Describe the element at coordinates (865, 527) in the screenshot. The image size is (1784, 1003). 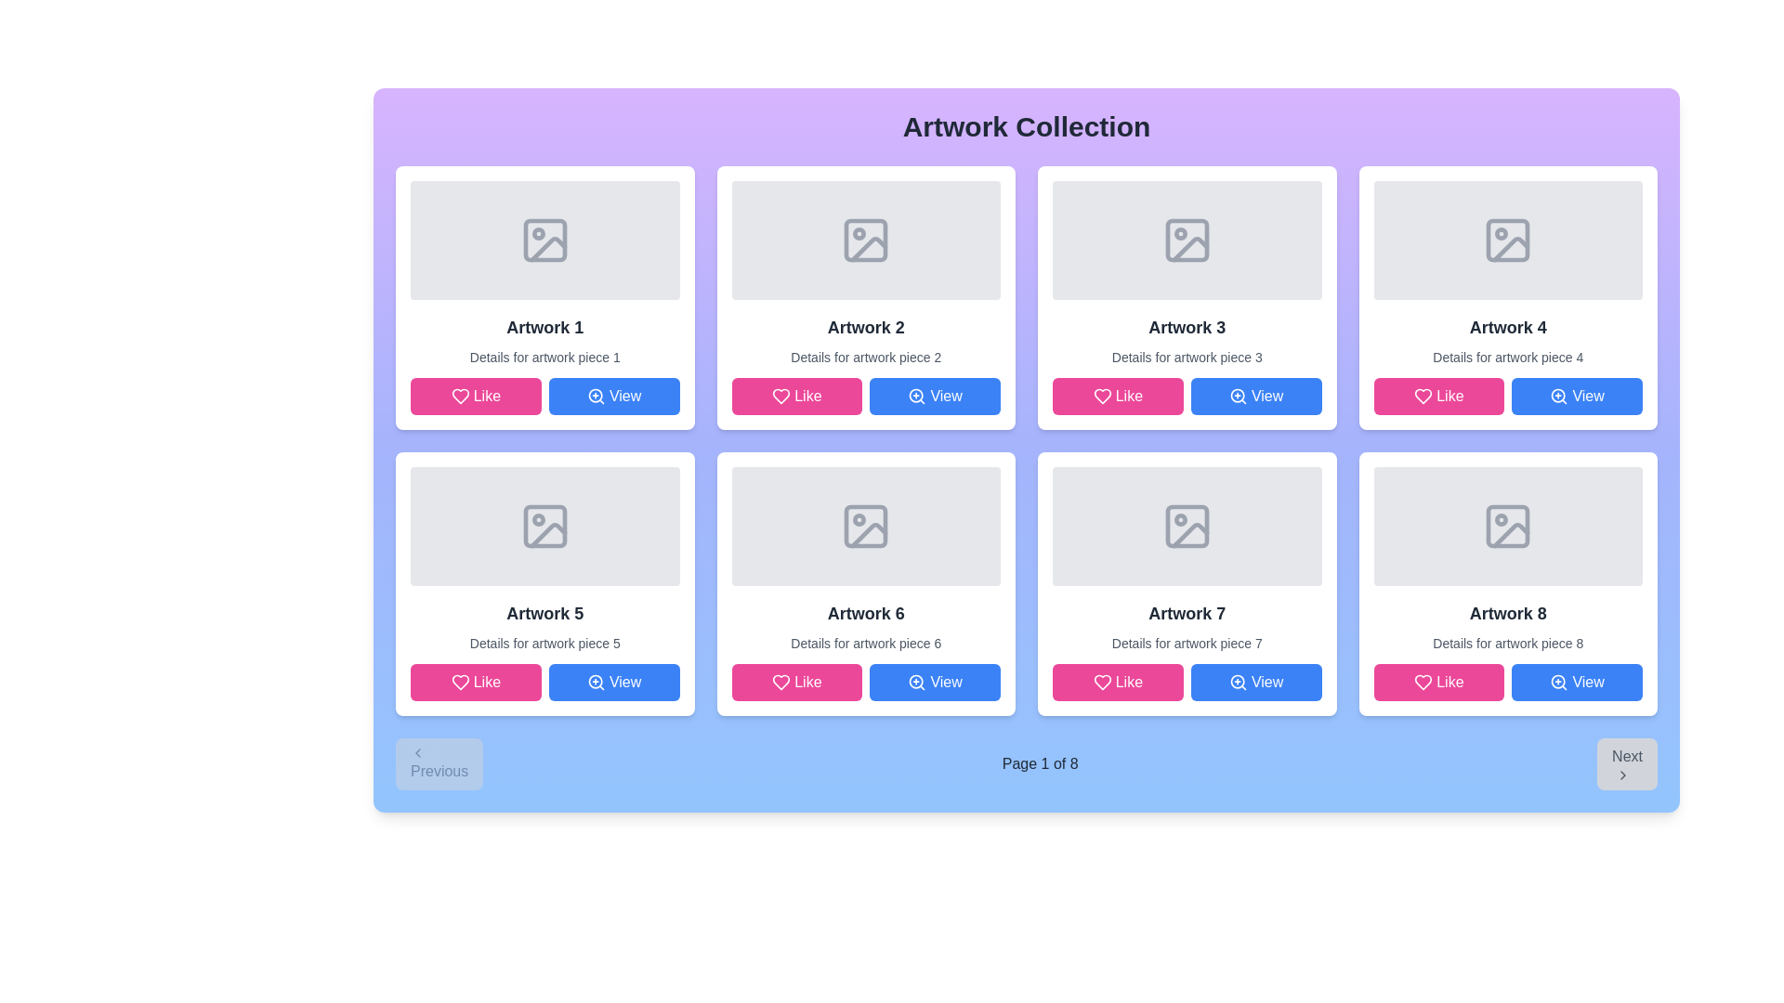
I see `the image placeholder located in the sixth card of the grid layout, positioned in the second row and third column, labeled 'Artwork 6' with details for artwork piece 6` at that location.